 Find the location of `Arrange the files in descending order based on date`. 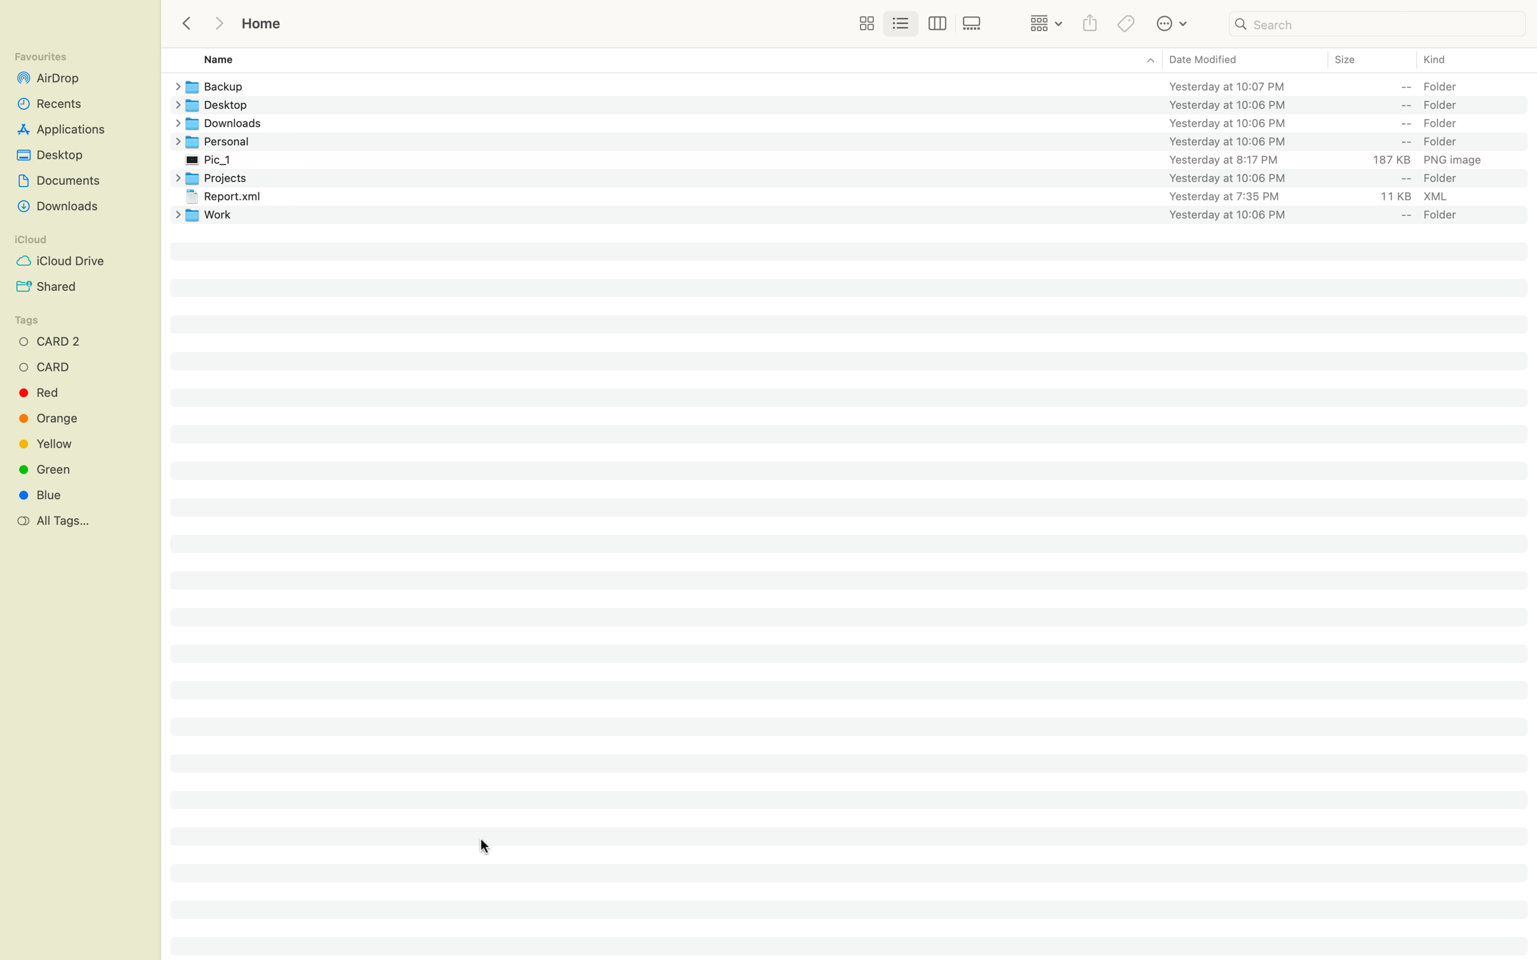

Arrange the files in descending order based on date is located at coordinates (1244, 60).